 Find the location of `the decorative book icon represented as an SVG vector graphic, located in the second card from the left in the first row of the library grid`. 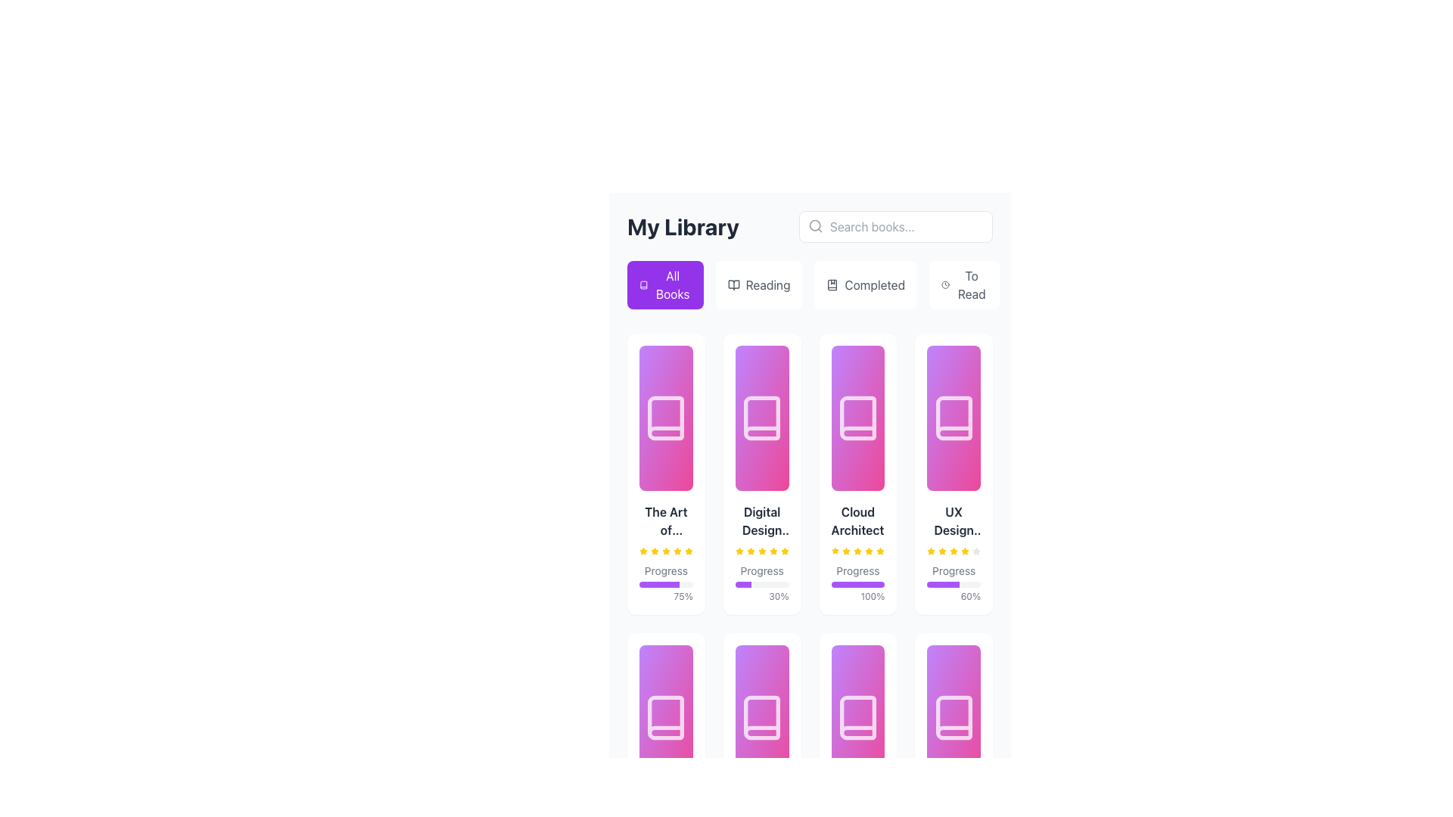

the decorative book icon represented as an SVG vector graphic, located in the second card from the left in the first row of the library grid is located at coordinates (762, 418).